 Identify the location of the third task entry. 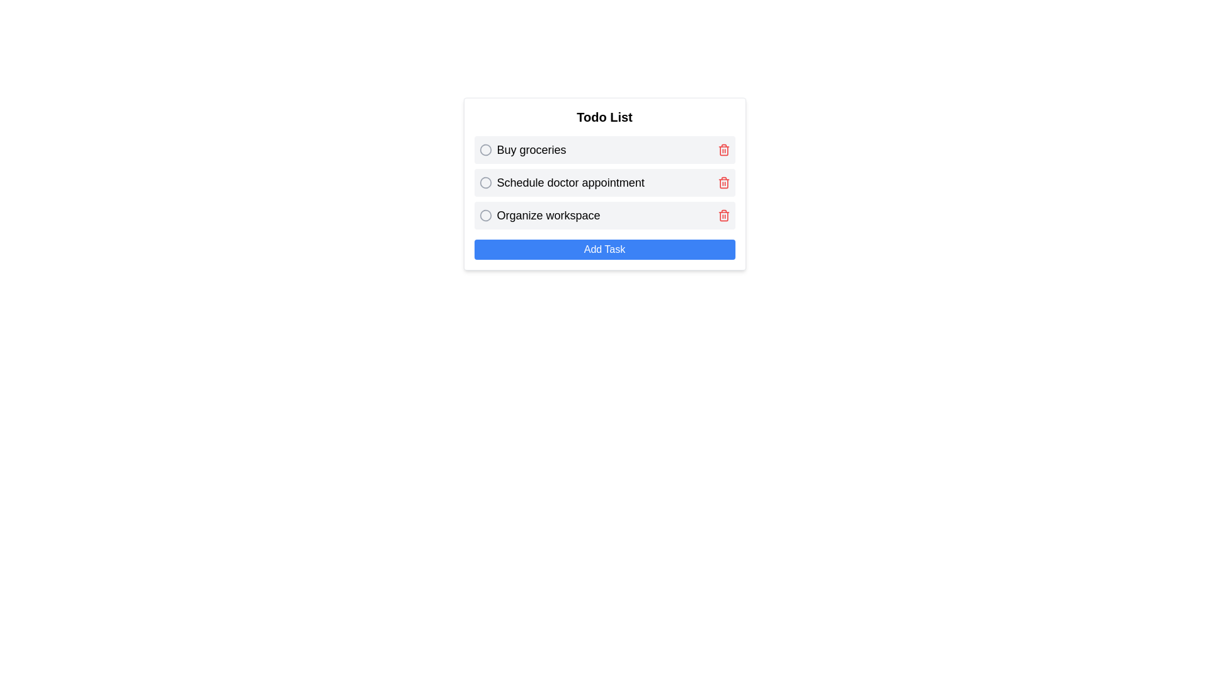
(604, 215).